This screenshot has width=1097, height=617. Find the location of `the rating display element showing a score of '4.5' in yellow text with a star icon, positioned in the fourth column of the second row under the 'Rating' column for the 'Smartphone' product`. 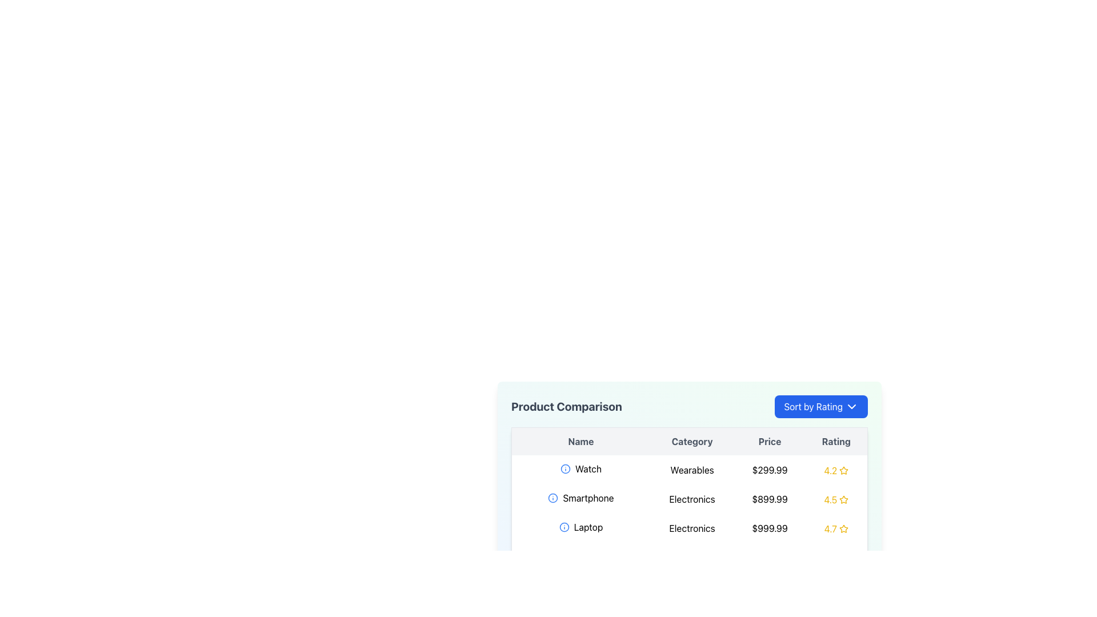

the rating display element showing a score of '4.5' in yellow text with a star icon, positioned in the fourth column of the second row under the 'Rating' column for the 'Smartphone' product is located at coordinates (836, 499).